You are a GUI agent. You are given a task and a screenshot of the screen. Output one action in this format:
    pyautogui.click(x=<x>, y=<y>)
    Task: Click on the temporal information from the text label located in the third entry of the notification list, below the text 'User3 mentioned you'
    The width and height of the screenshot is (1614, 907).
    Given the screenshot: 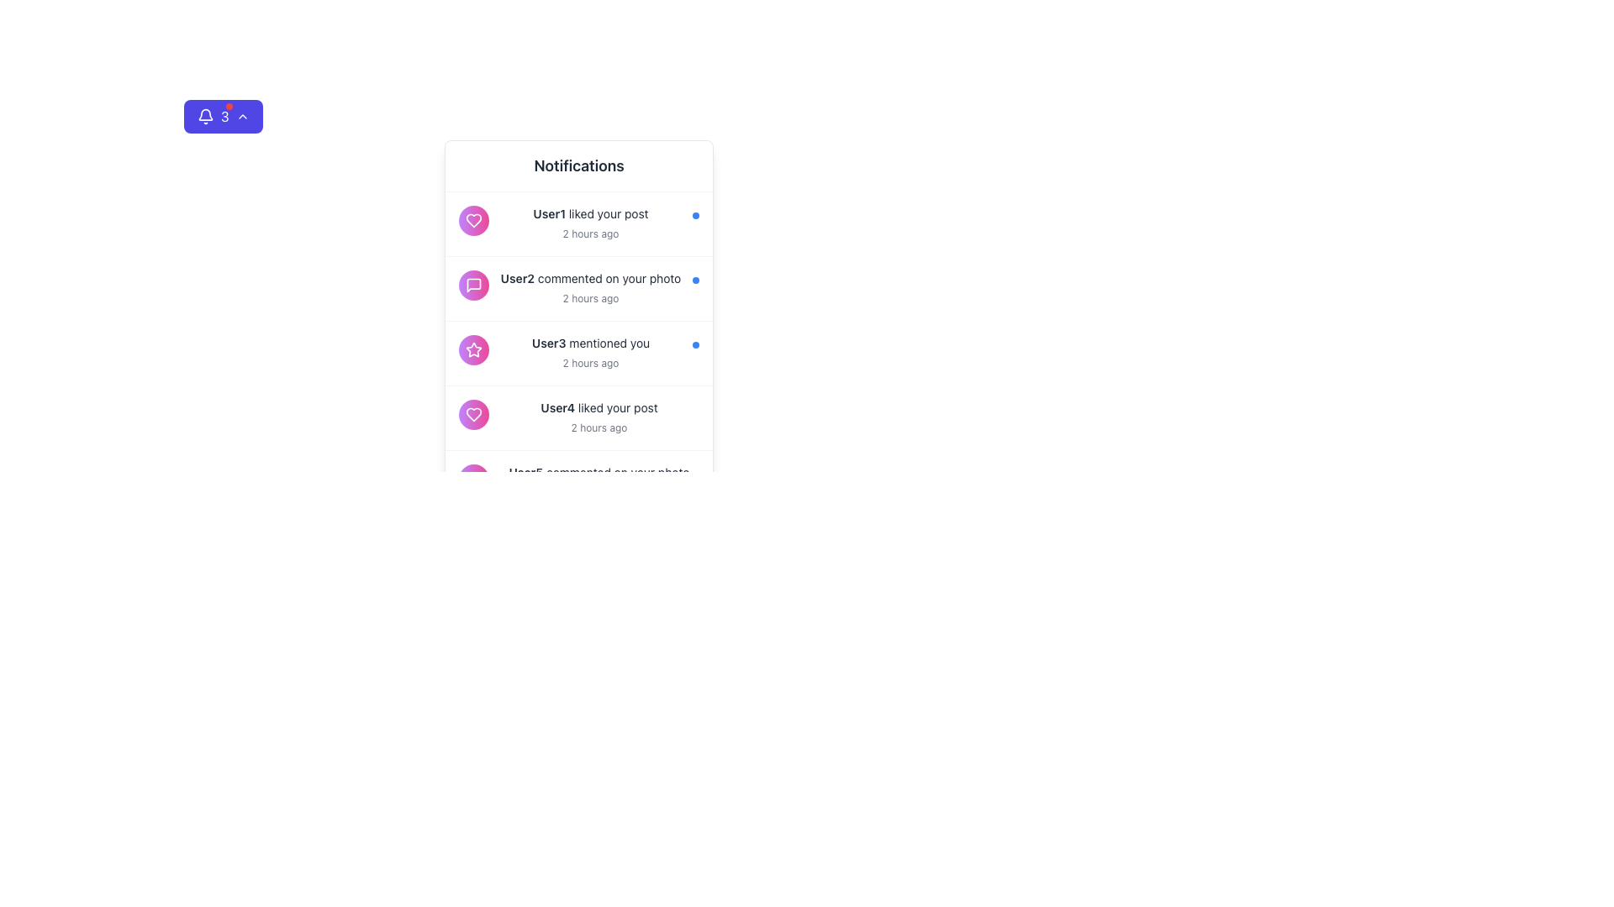 What is the action you would take?
    pyautogui.click(x=590, y=362)
    